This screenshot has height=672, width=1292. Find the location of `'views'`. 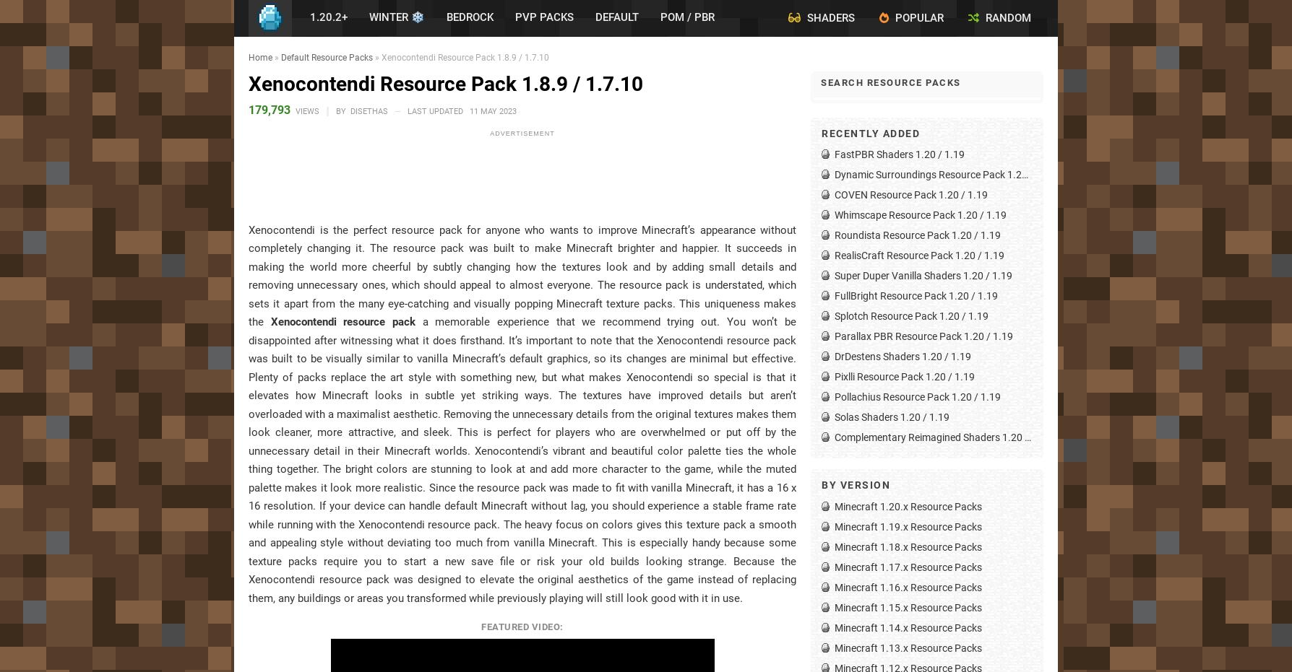

'views' is located at coordinates (307, 110).